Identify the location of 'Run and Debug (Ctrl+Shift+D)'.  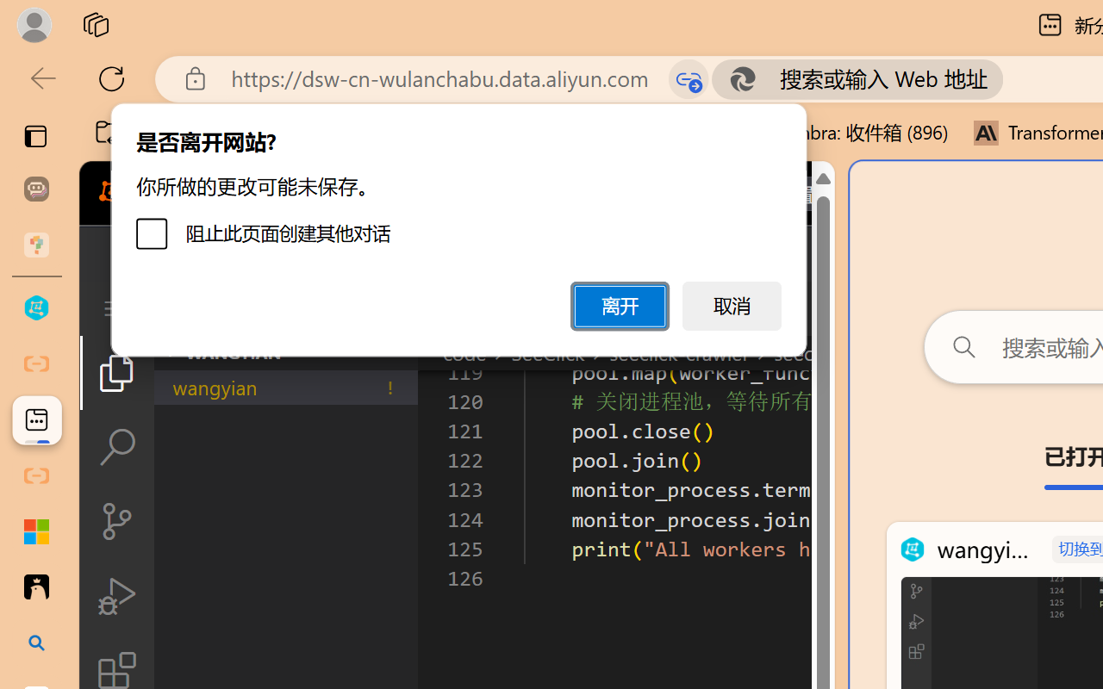
(115, 596).